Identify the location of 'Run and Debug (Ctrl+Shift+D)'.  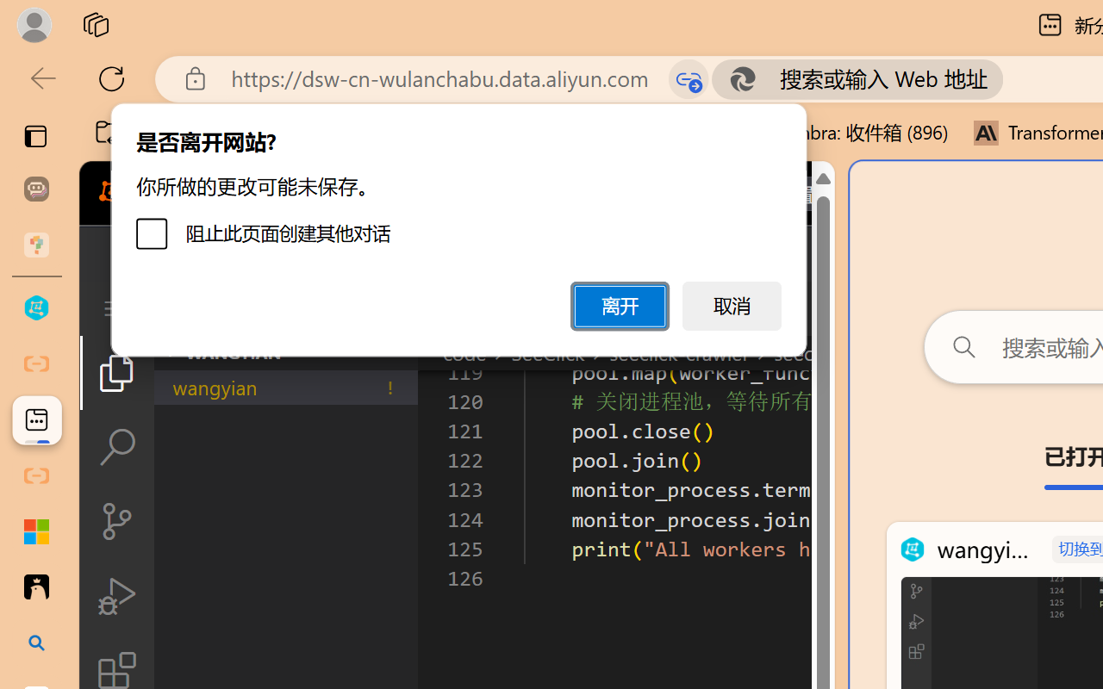
(115, 596).